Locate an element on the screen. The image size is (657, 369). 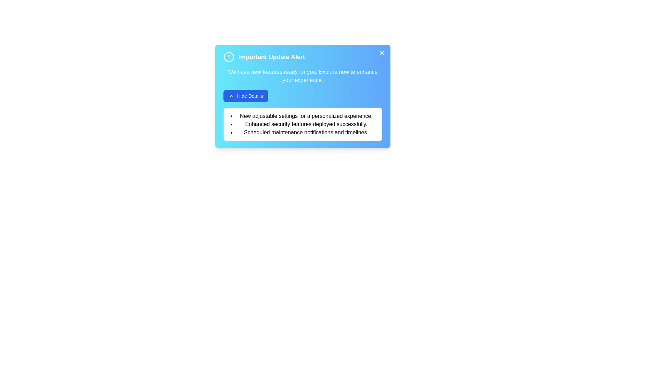
the 'Hide Details' button to toggle the visibility of additional details is located at coordinates (246, 96).